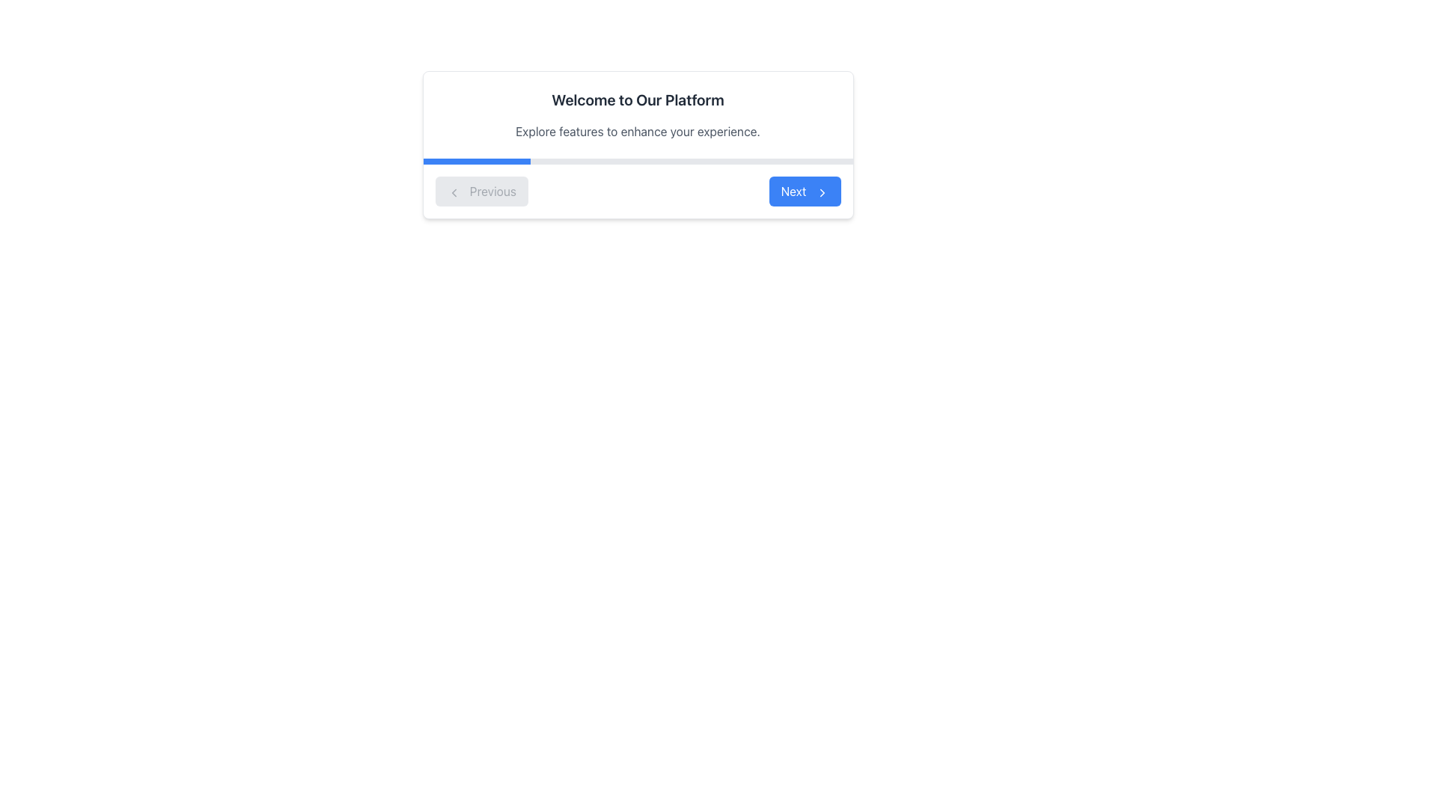 The width and height of the screenshot is (1437, 808). What do you see at coordinates (821, 192) in the screenshot?
I see `the directional indicator icon within the 'Next' button` at bounding box center [821, 192].